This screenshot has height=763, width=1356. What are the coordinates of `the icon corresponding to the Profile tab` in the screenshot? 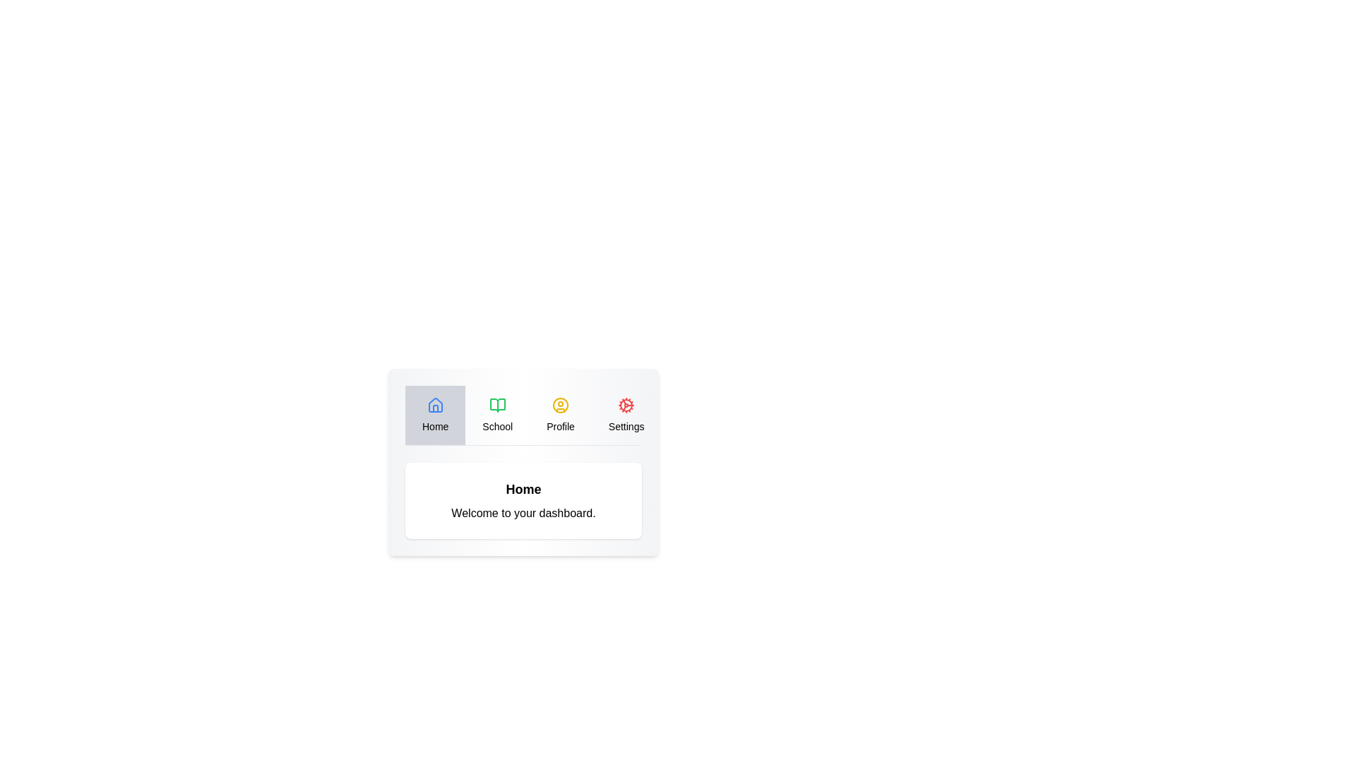 It's located at (560, 406).